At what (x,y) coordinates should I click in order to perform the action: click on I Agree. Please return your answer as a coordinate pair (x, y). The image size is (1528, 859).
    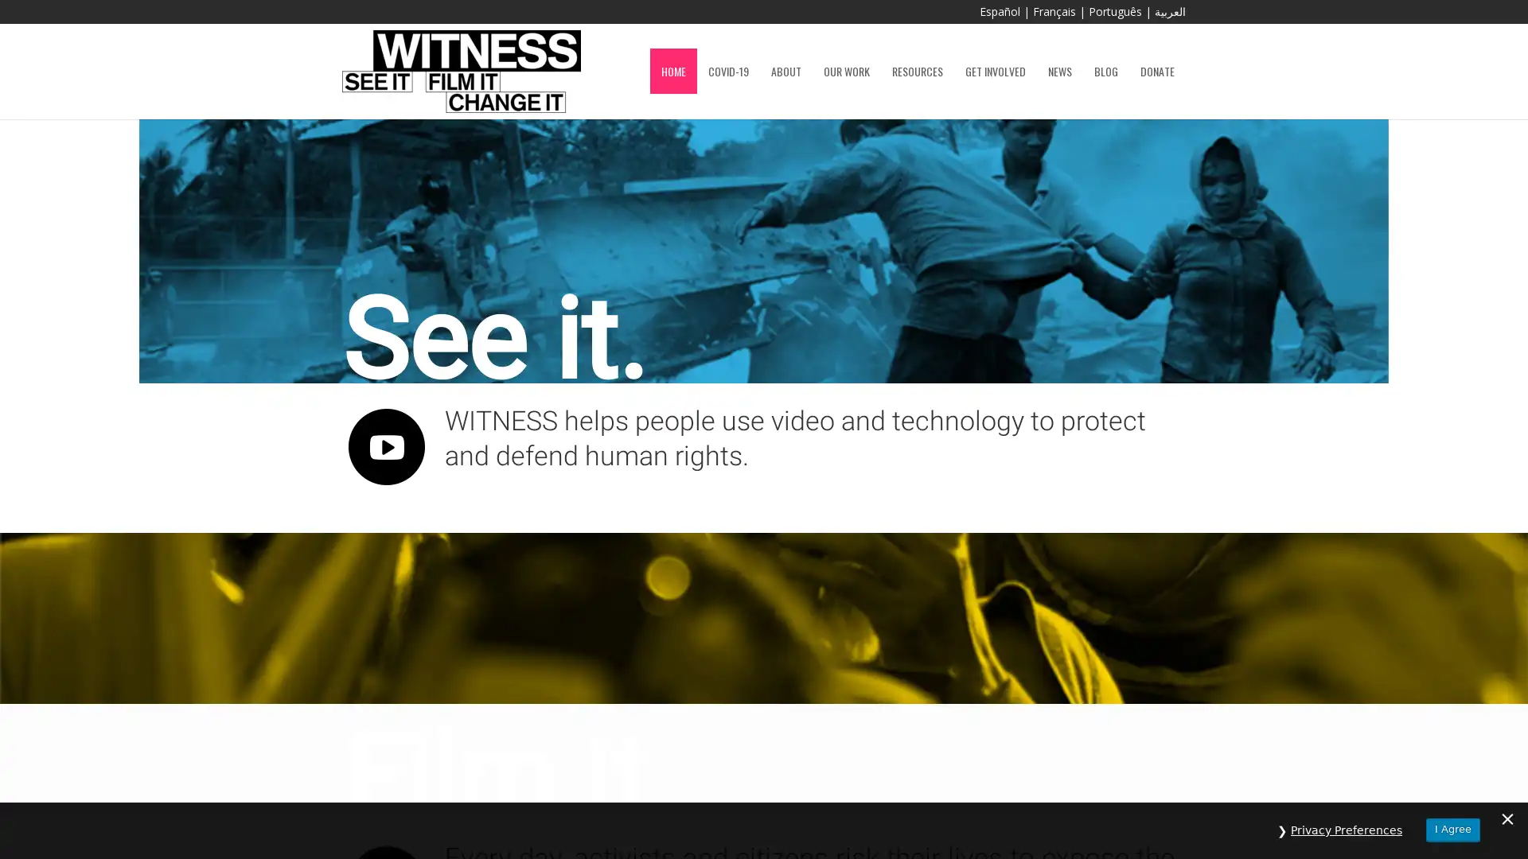
    Looking at the image, I should click on (1452, 829).